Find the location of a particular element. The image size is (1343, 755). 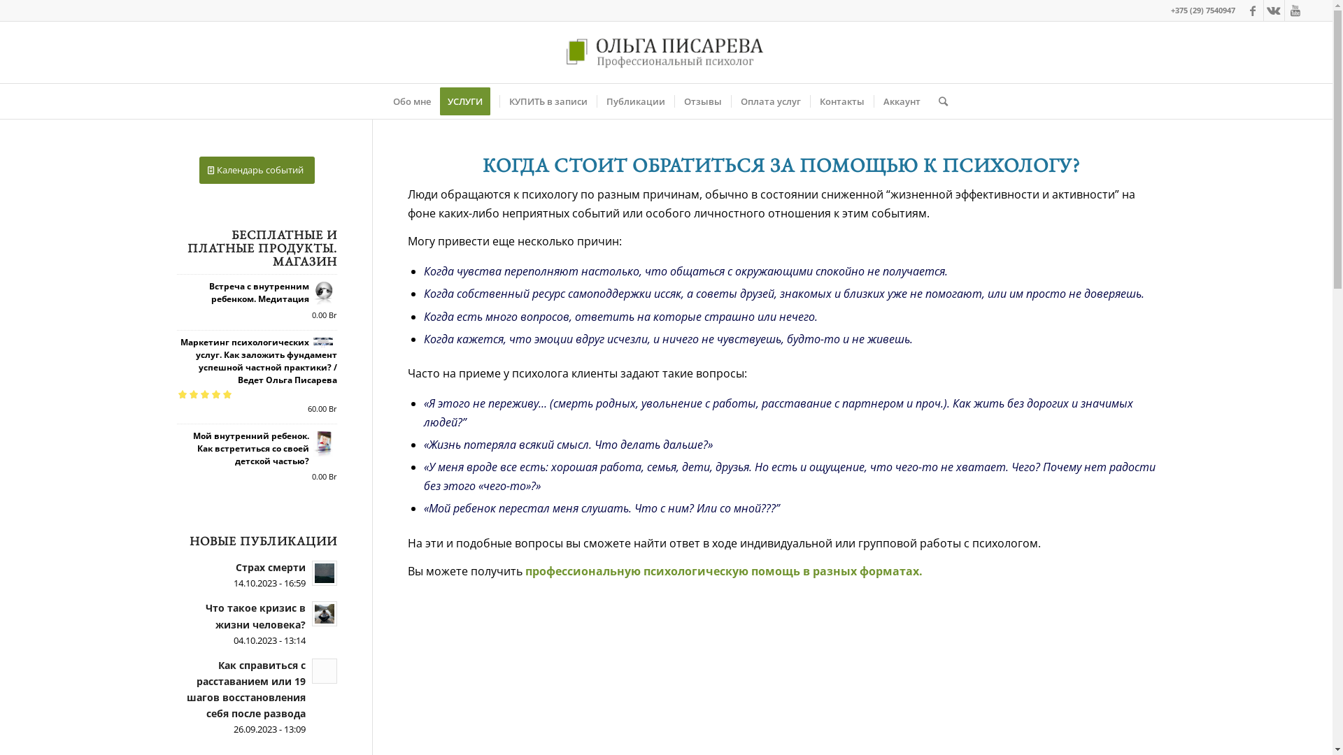

'Facebook' is located at coordinates (1242, 10).